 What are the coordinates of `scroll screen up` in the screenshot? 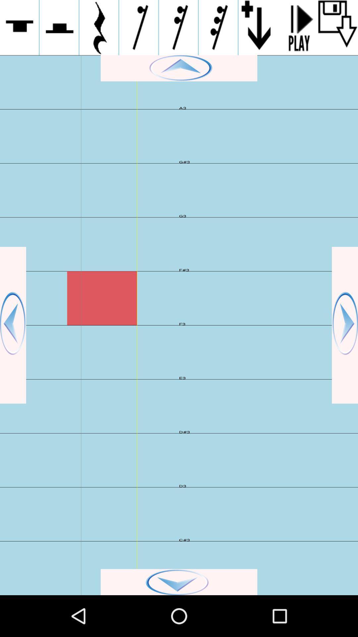 It's located at (179, 68).